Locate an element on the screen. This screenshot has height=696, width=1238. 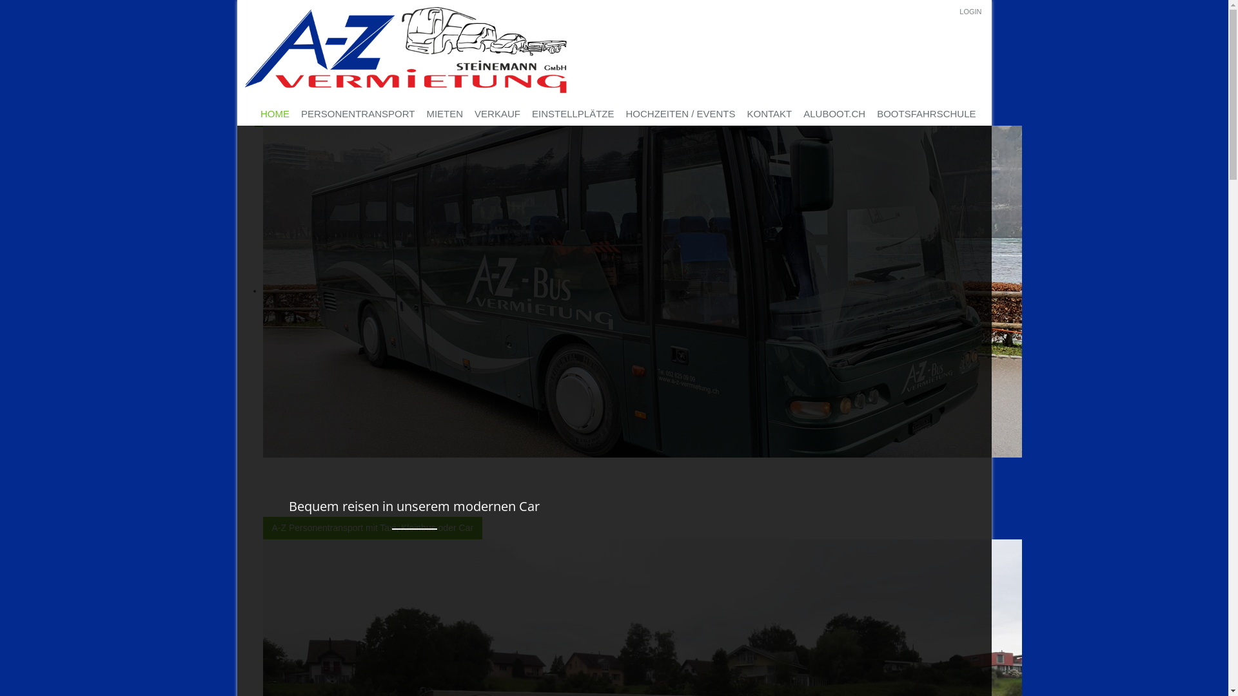
'VERKAUF' is located at coordinates (496, 113).